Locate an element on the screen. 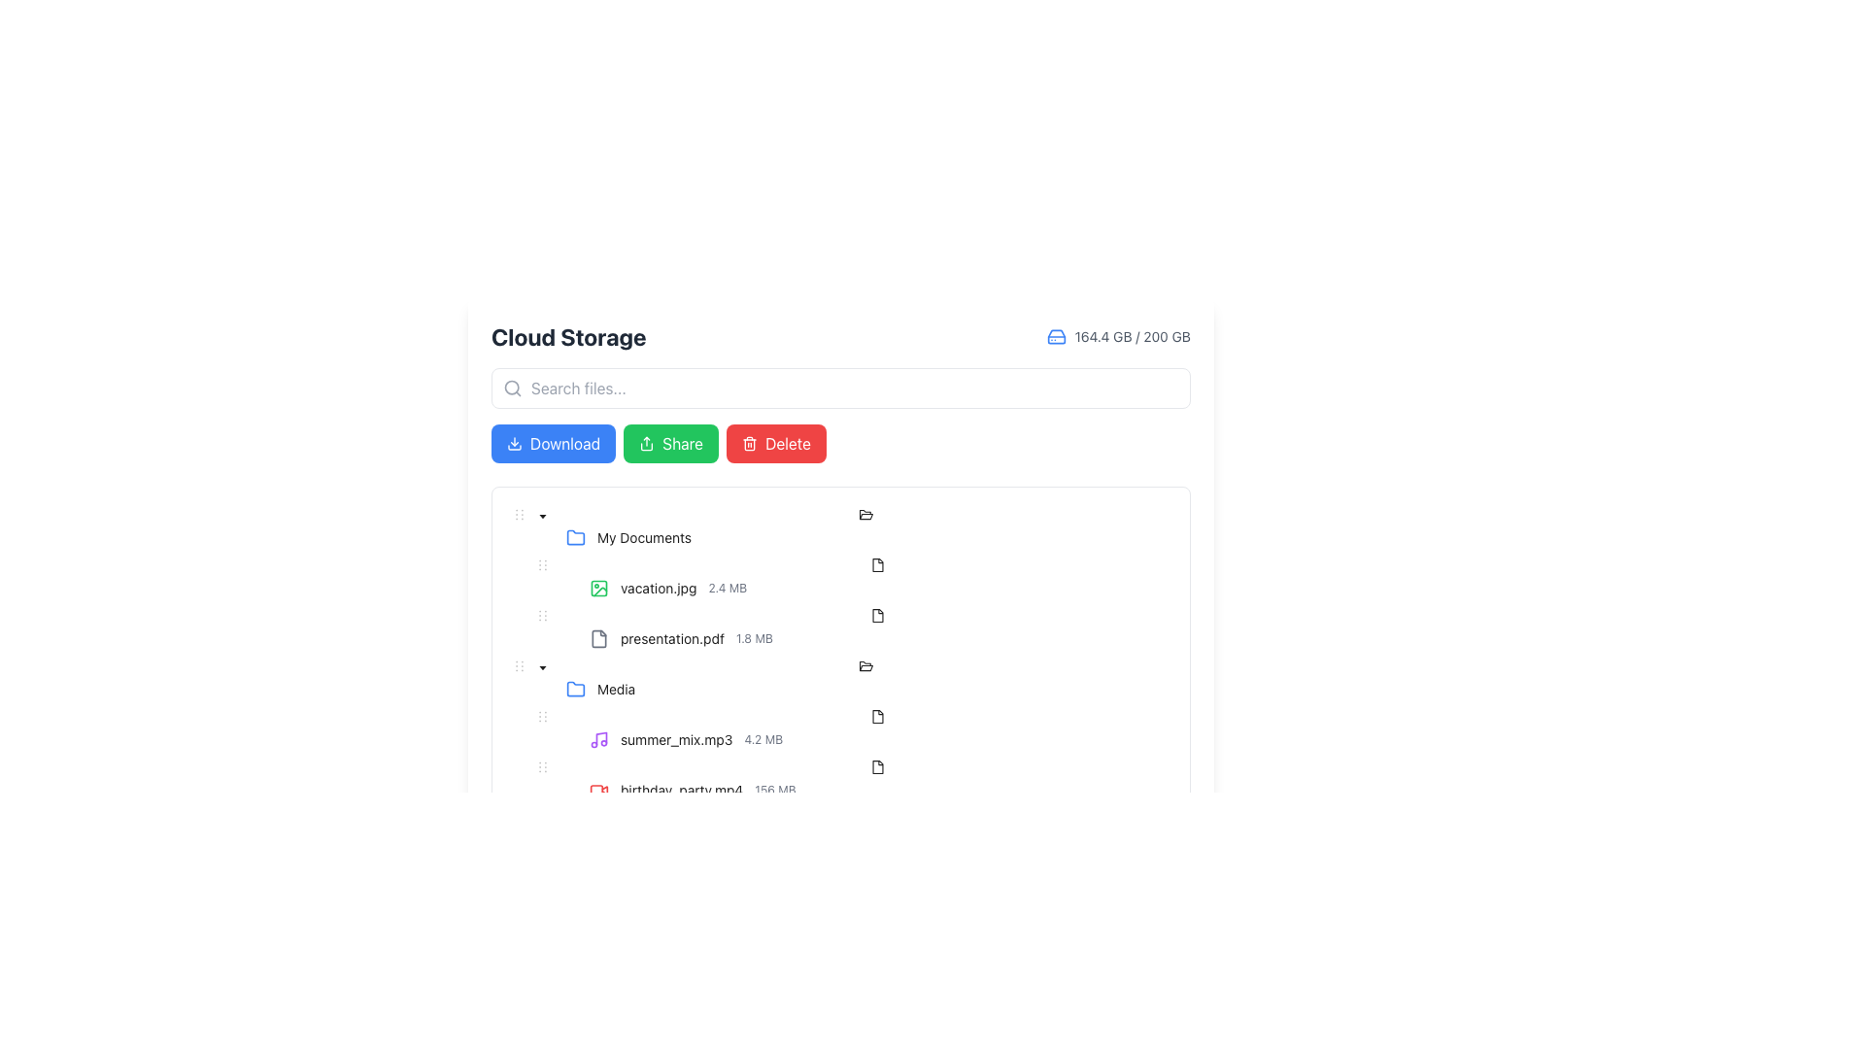  the state of the document icon located to the right of the media file name 'birthday_party.mp4' in the 'Media' folder is located at coordinates (876, 716).